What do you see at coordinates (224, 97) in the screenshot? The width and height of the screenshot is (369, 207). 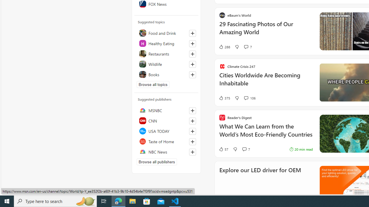 I see `'375 Like'` at bounding box center [224, 97].